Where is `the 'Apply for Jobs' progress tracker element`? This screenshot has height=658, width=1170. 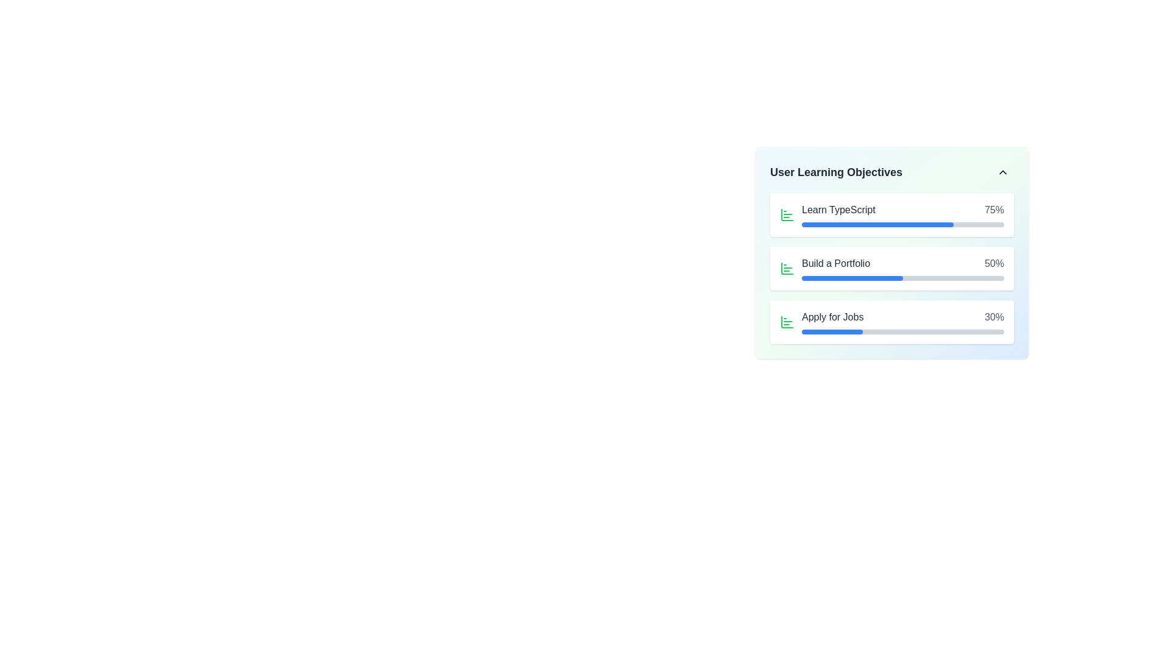
the 'Apply for Jobs' progress tracker element is located at coordinates (903, 321).